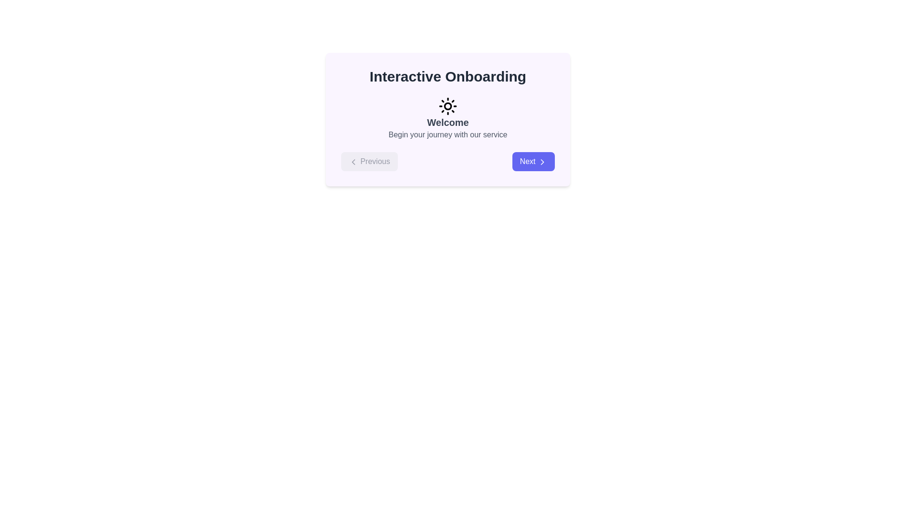 This screenshot has width=916, height=515. Describe the element at coordinates (369, 161) in the screenshot. I see `the 'Previous' button located at the bottom left corner of the interactive onboarding section` at that location.